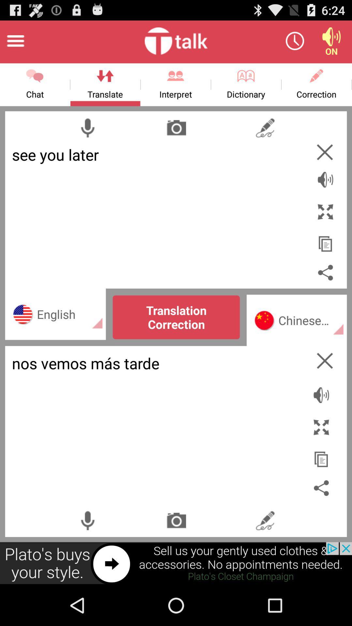 Image resolution: width=352 pixels, height=626 pixels. I want to click on the flash icon, so click(265, 136).